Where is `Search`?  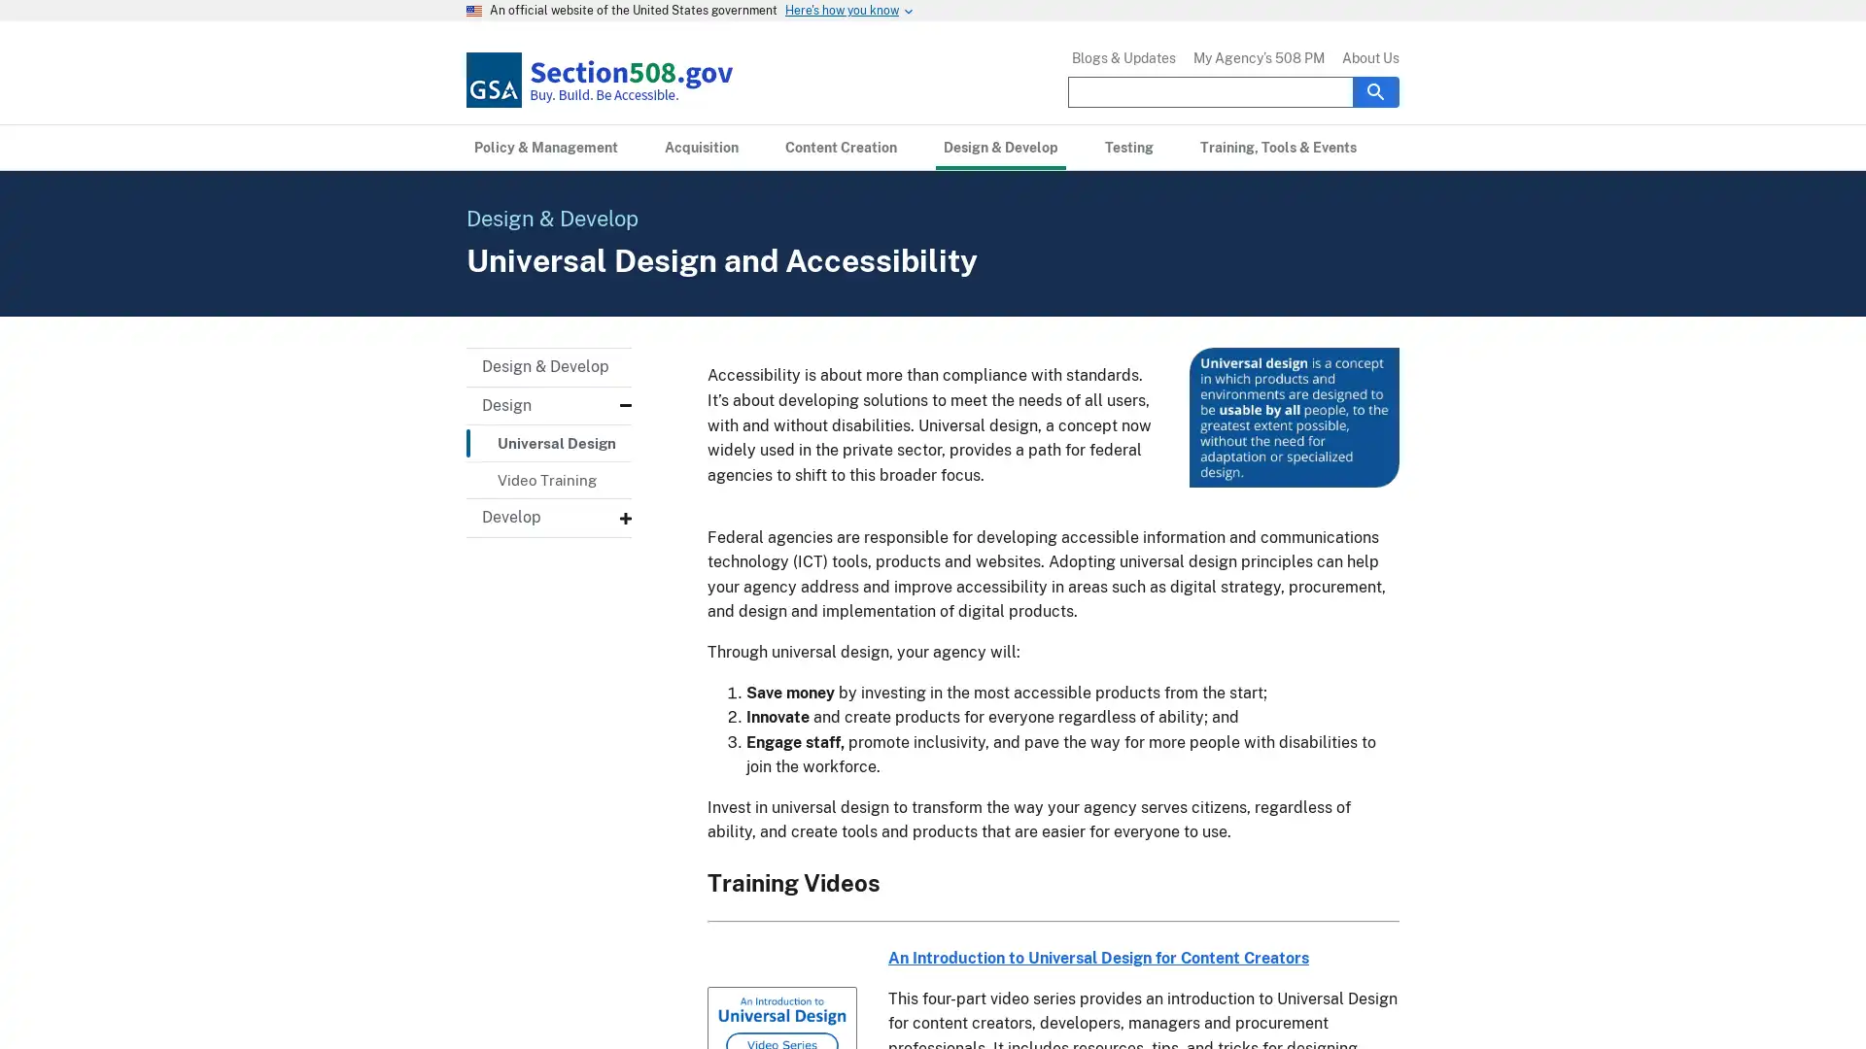
Search is located at coordinates (1375, 90).